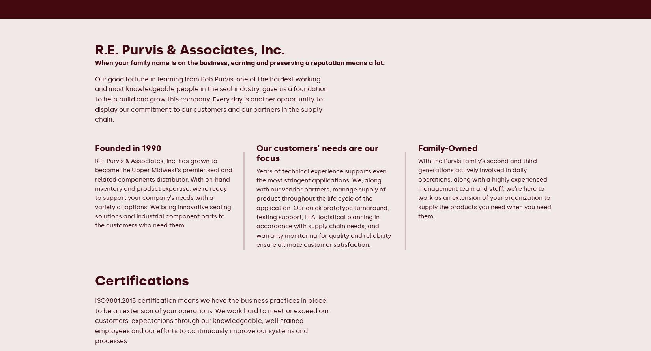  I want to click on 'When your family name is on the business, earning and preserving a reputation means a lot.', so click(239, 62).